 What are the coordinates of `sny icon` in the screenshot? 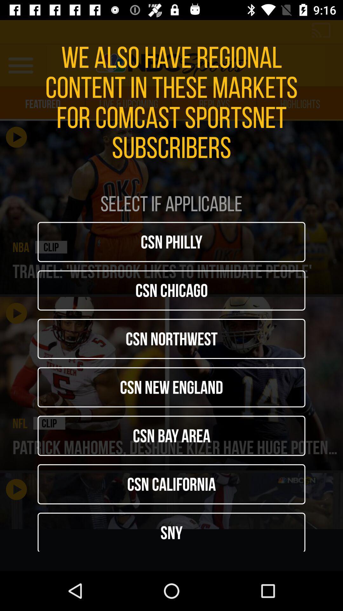 It's located at (171, 532).